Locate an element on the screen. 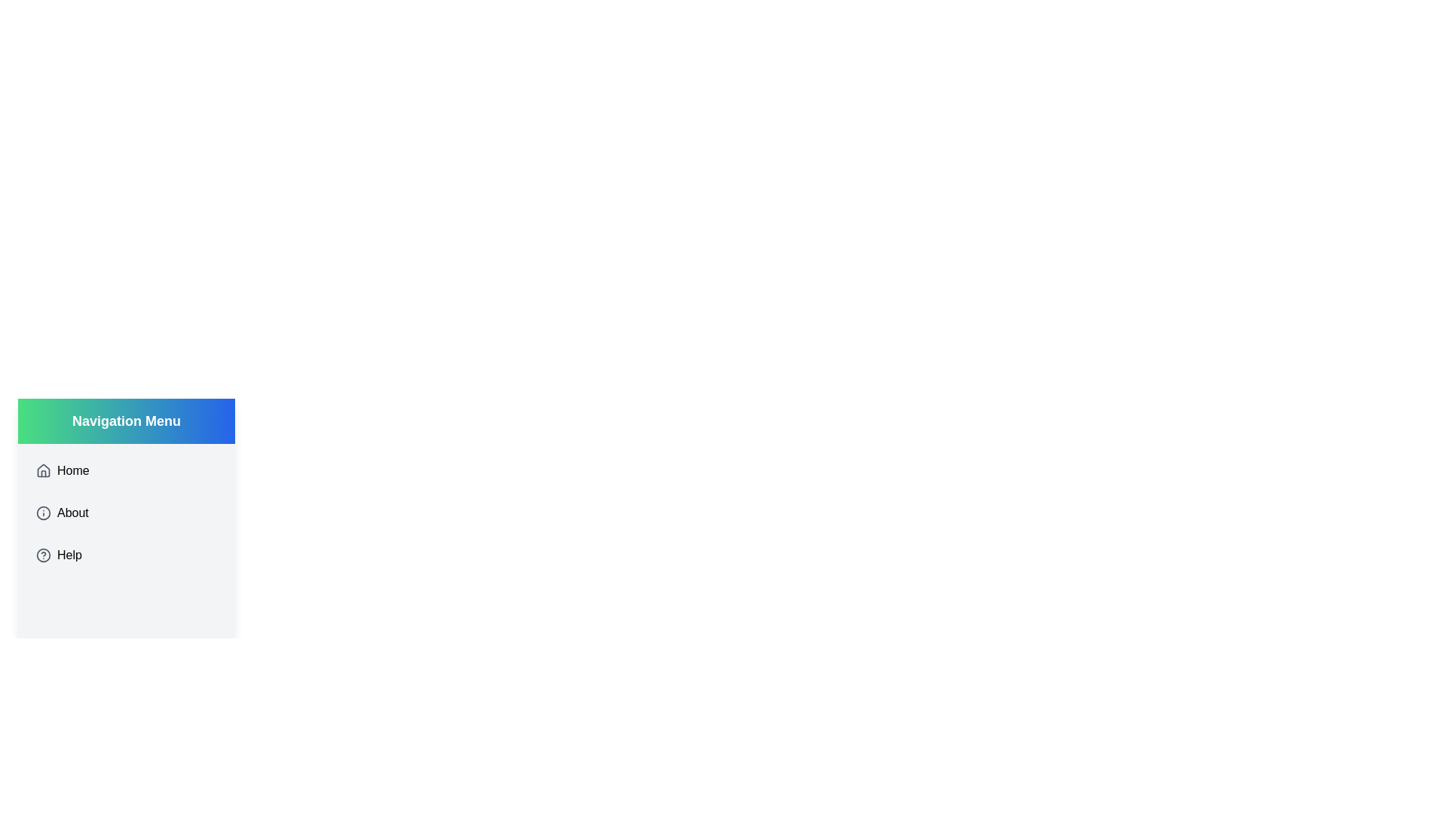 The image size is (1447, 814). the 'Help' text label in the vertical navigation menu is located at coordinates (69, 555).